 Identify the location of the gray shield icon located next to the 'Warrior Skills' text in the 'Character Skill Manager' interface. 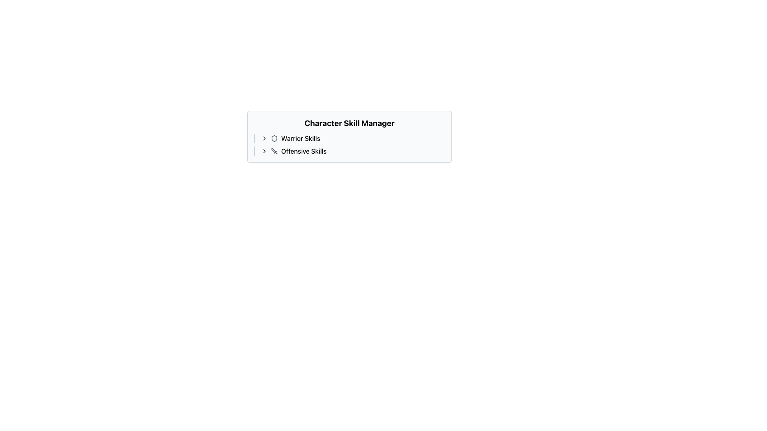
(274, 138).